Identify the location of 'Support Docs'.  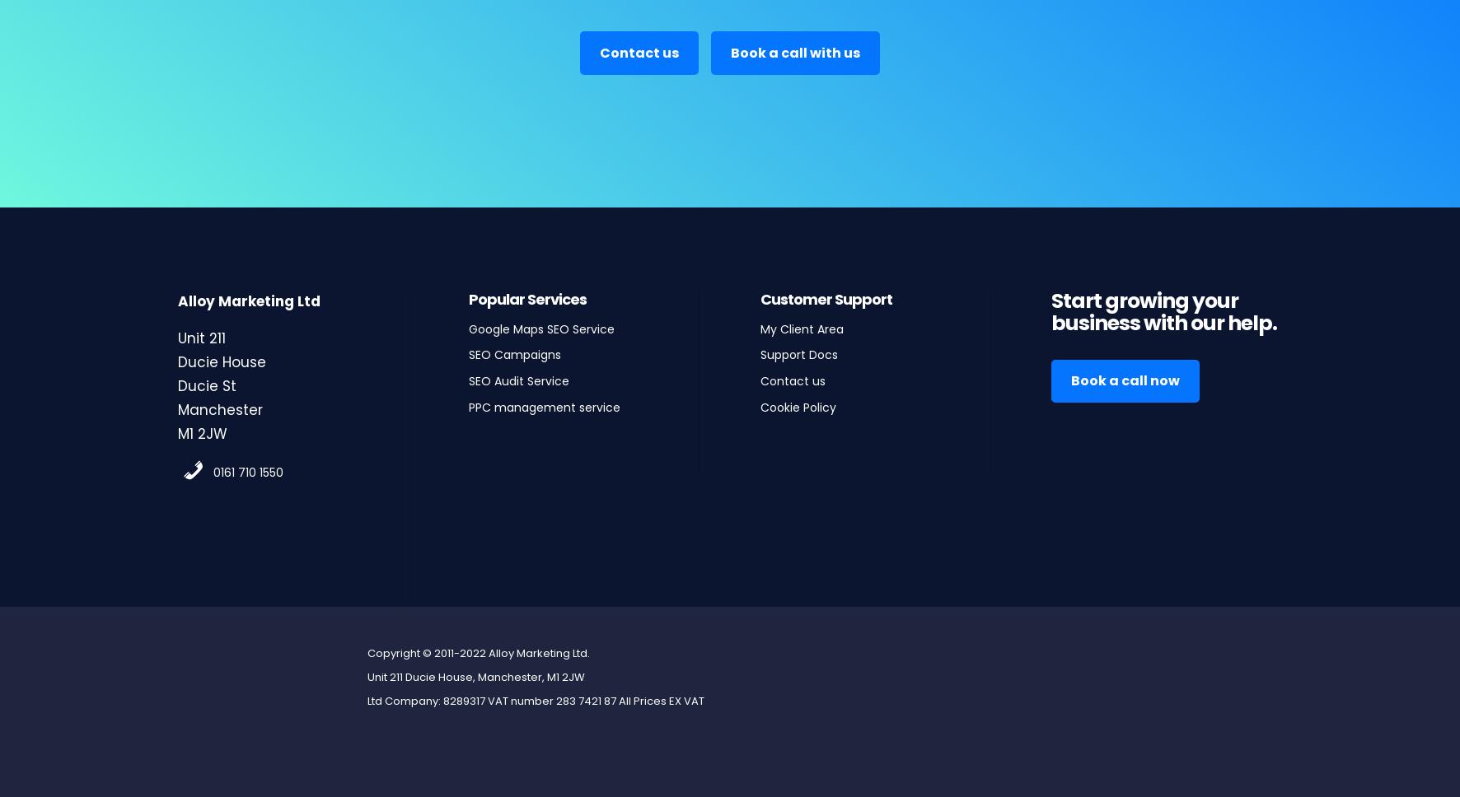
(797, 354).